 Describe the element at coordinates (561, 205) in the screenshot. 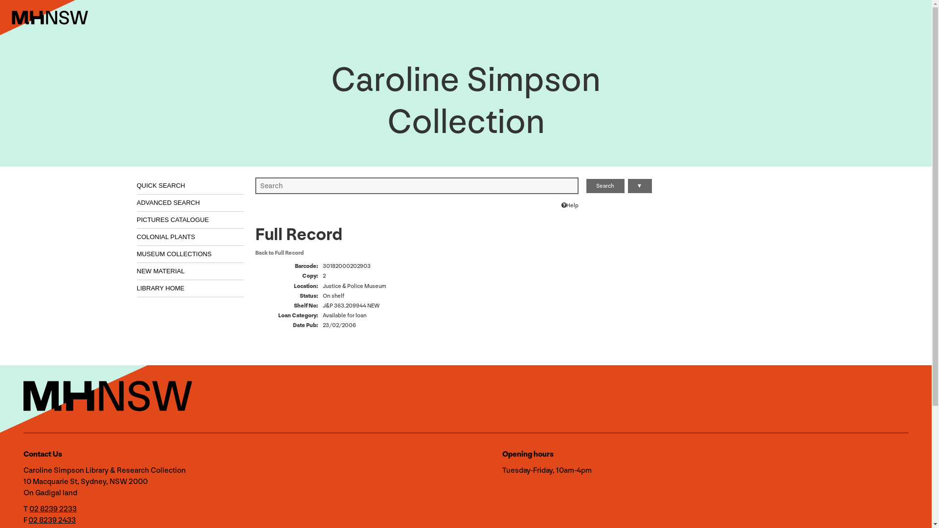

I see `'Help'` at that location.